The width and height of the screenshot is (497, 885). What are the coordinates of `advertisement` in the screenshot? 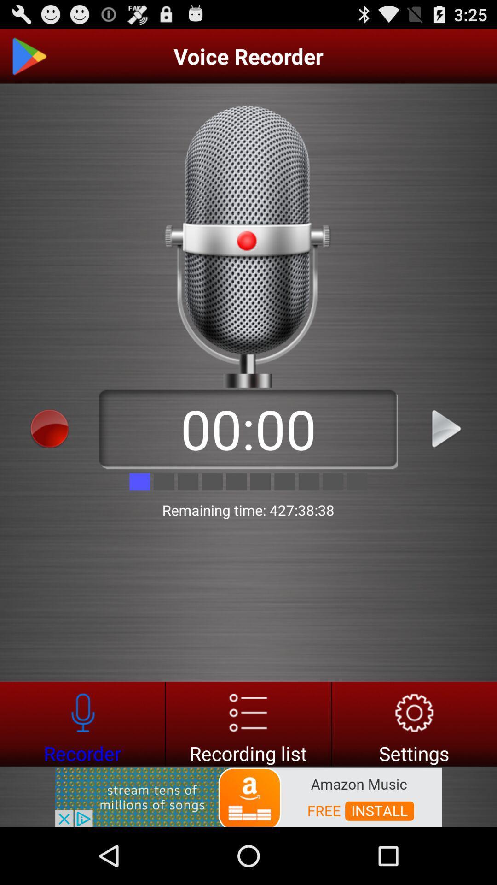 It's located at (248, 796).